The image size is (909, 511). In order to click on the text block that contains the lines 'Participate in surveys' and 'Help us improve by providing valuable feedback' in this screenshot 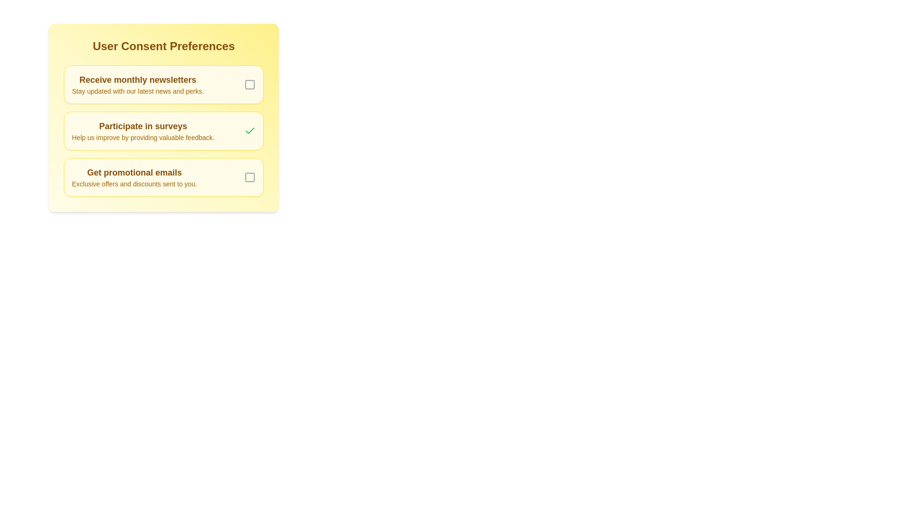, I will do `click(143, 131)`.